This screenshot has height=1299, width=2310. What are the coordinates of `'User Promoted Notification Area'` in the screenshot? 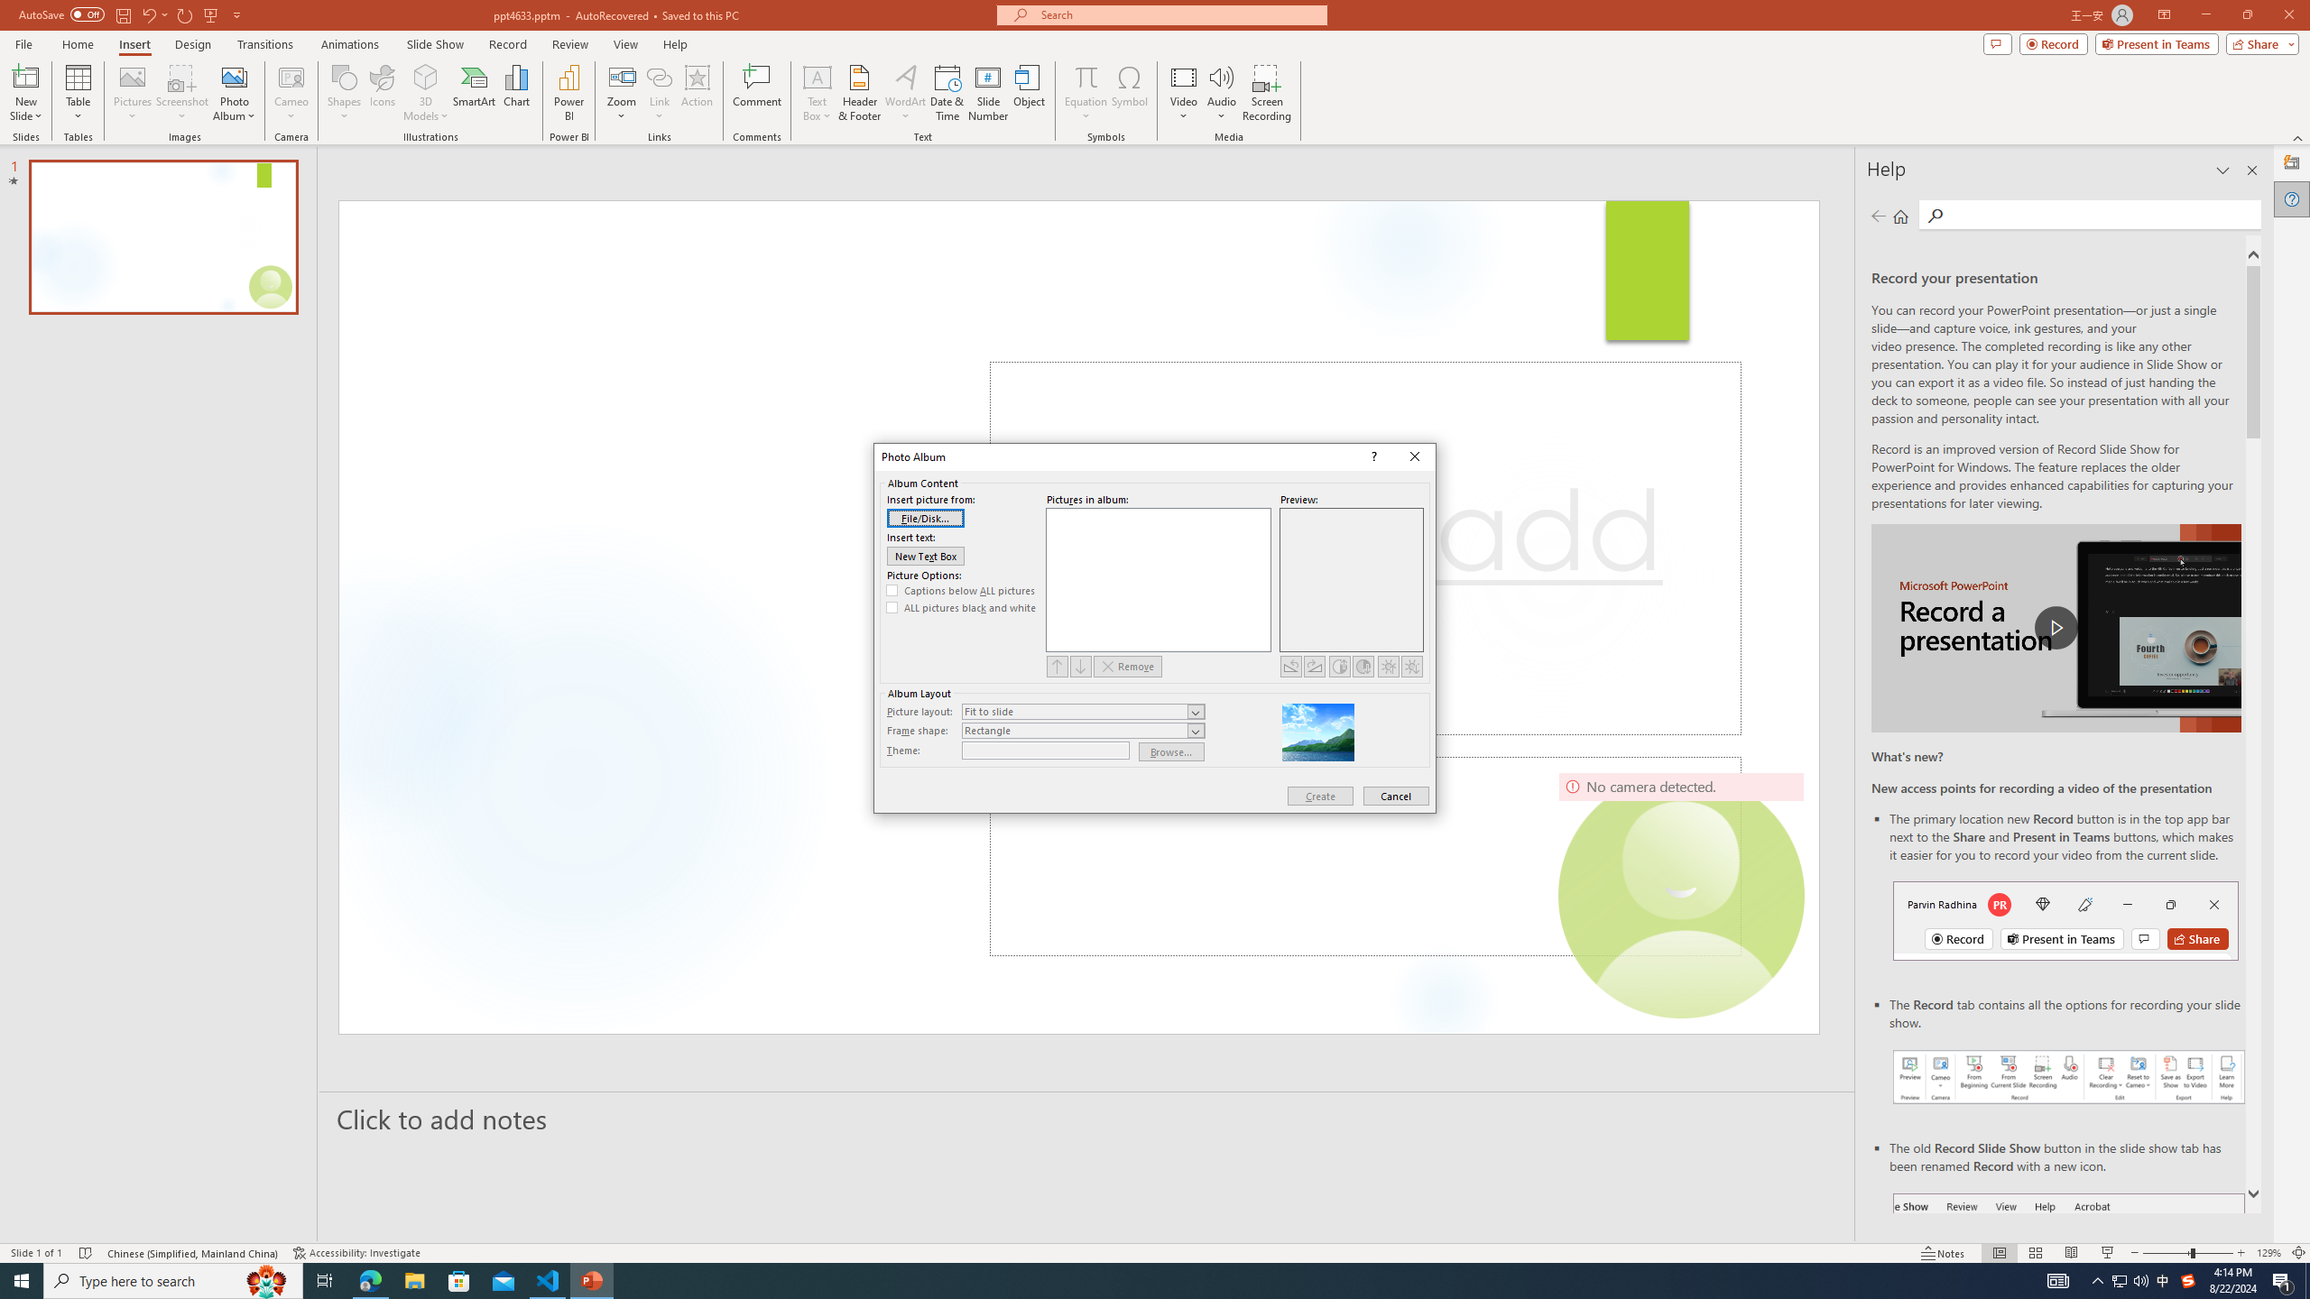 It's located at (2130, 1279).